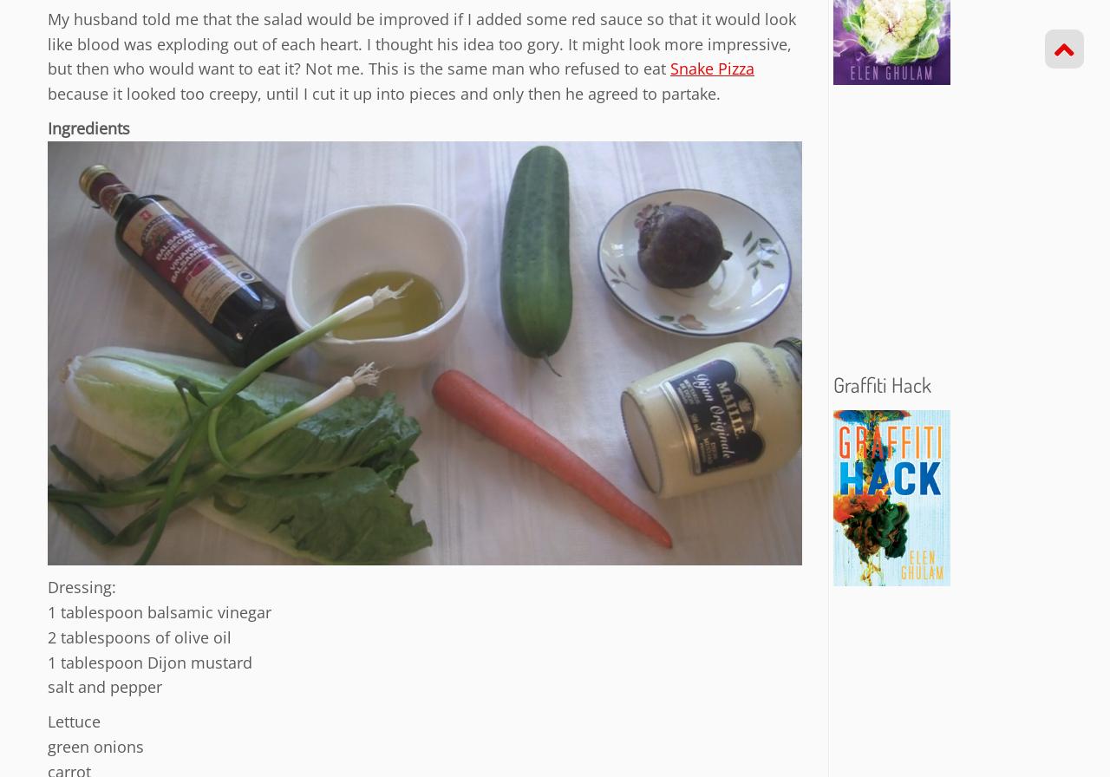 Image resolution: width=1110 pixels, height=777 pixels. Describe the element at coordinates (48, 127) in the screenshot. I see `'Ingredients'` at that location.